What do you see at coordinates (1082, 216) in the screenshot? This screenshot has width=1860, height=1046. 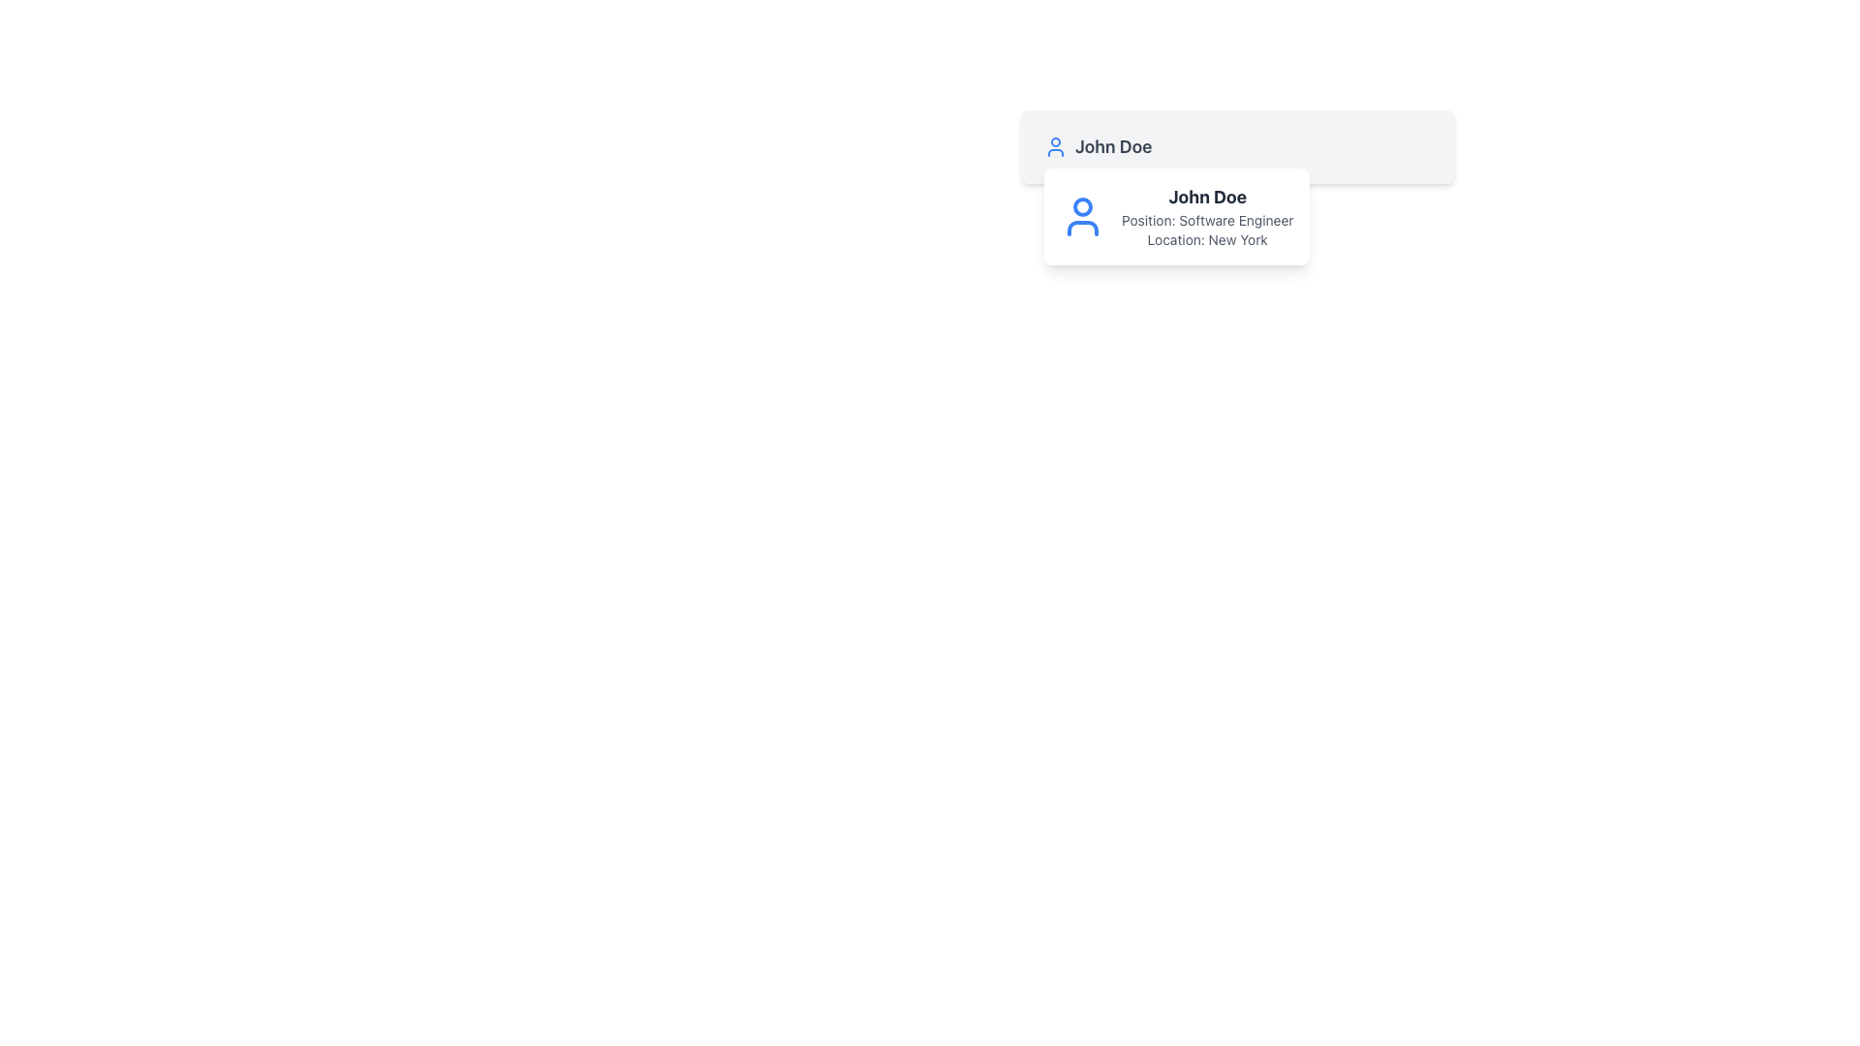 I see `the user icon with a simplistic blue design located at the left edge of the card containing information about John Doe` at bounding box center [1082, 216].